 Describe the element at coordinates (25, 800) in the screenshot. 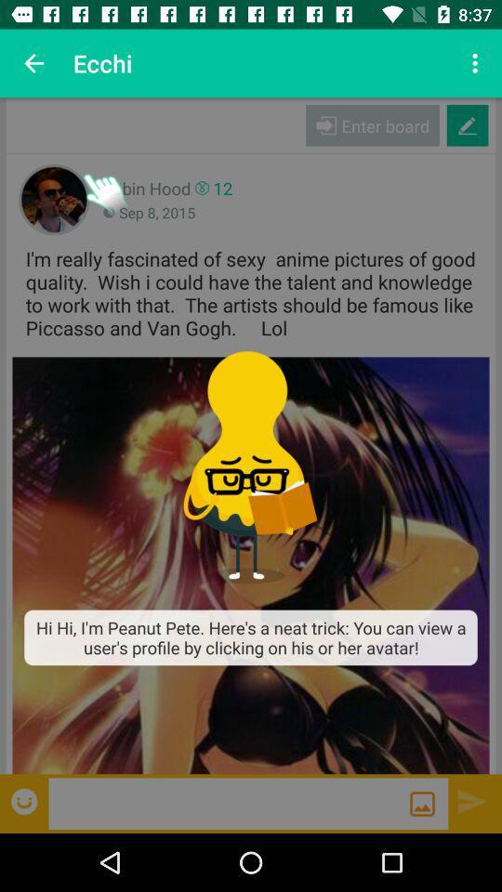

I see `smiley button` at that location.